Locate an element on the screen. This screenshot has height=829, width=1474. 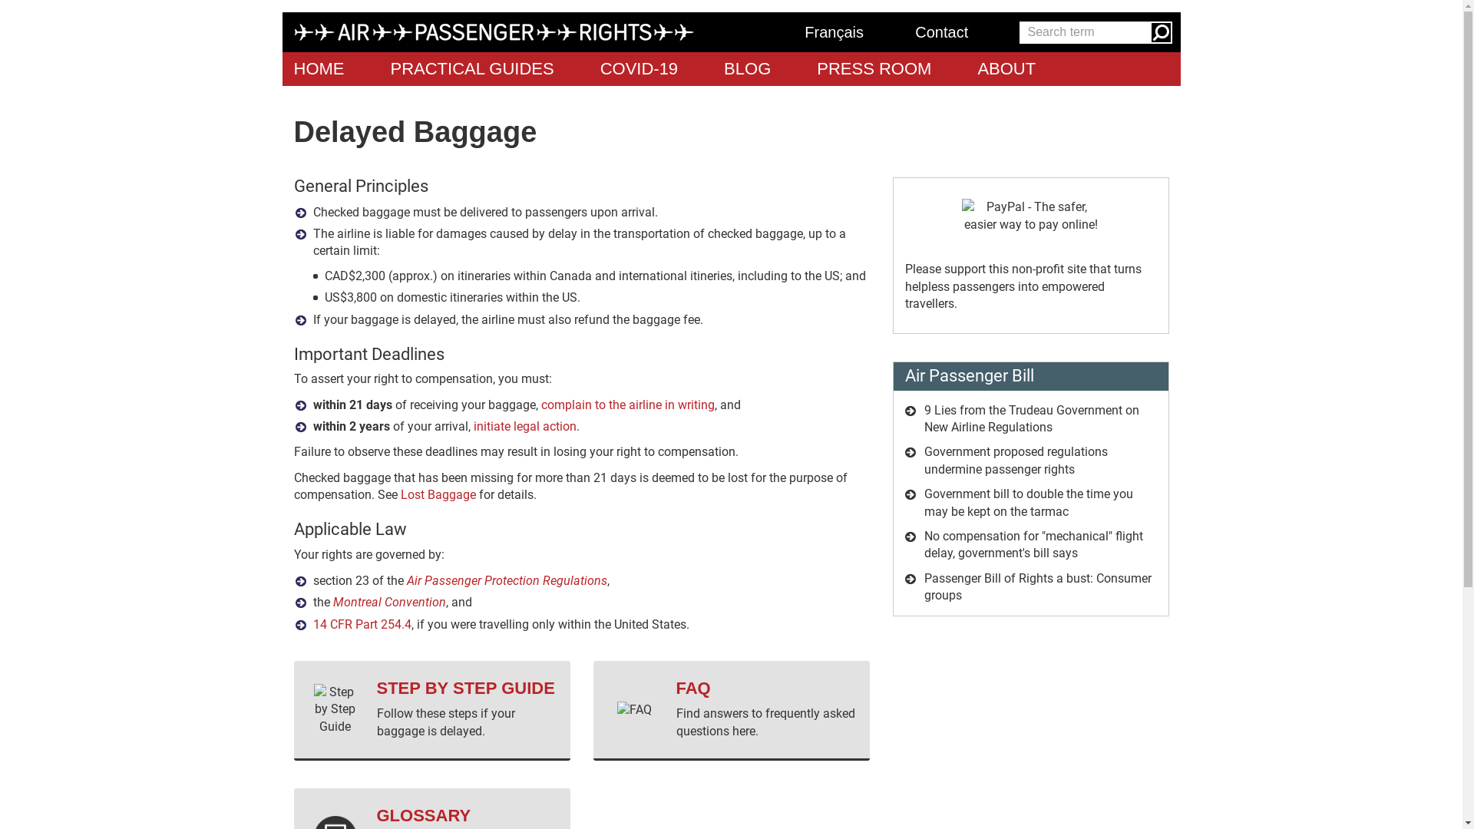
'Contact' is located at coordinates (953, 32).